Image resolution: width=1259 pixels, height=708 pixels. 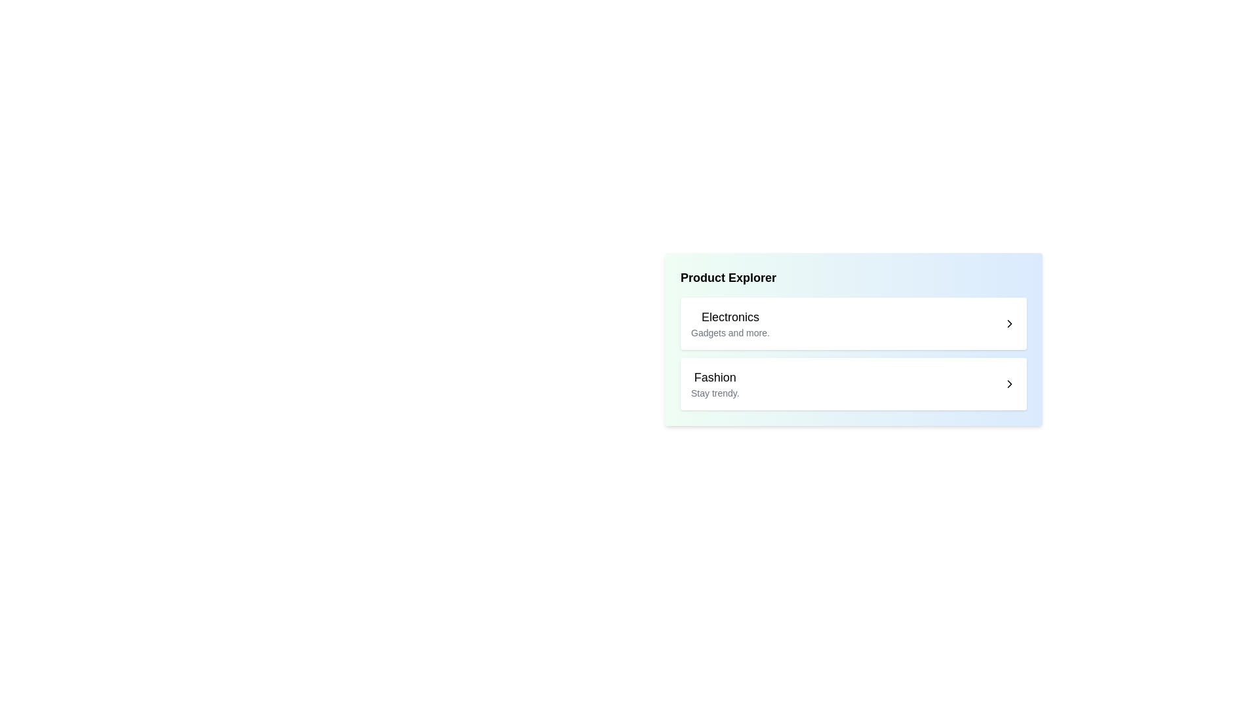 I want to click on the 'Fashion' category card, which is the second item in the vertically stacked list below the 'Electronics' section, so click(x=853, y=383).